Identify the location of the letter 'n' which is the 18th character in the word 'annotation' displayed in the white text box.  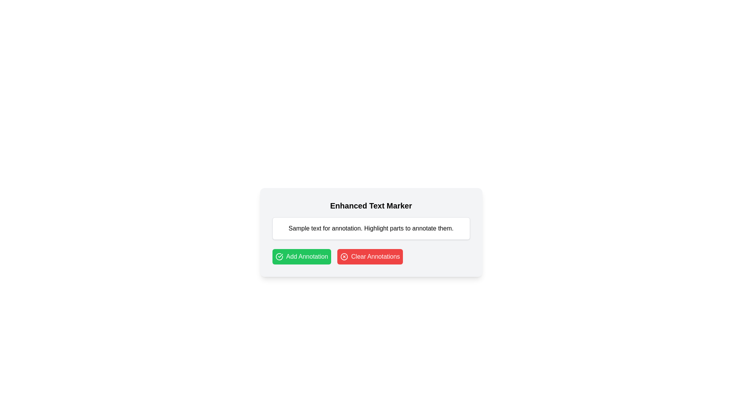
(337, 228).